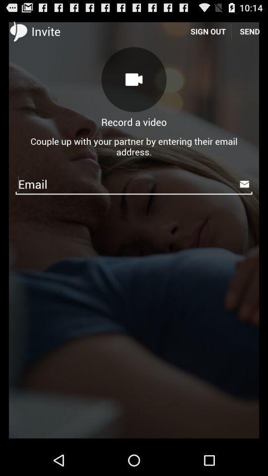 The width and height of the screenshot is (268, 476). I want to click on the item above the couple up with icon, so click(207, 31).